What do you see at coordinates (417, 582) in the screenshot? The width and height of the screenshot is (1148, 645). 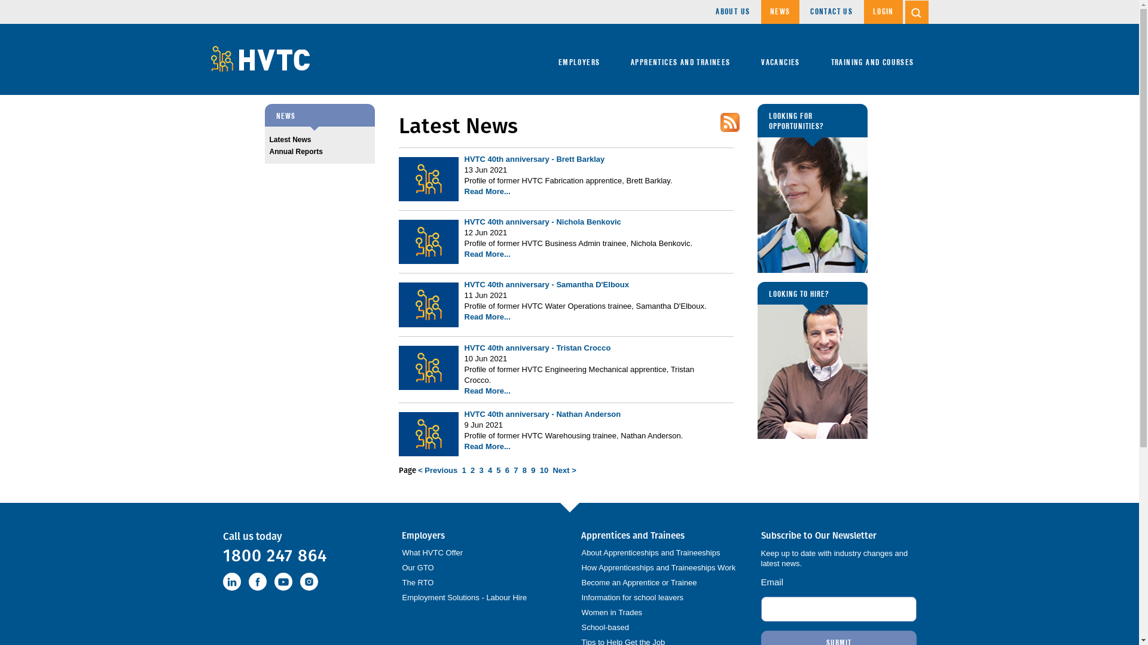 I see `'The RTO'` at bounding box center [417, 582].